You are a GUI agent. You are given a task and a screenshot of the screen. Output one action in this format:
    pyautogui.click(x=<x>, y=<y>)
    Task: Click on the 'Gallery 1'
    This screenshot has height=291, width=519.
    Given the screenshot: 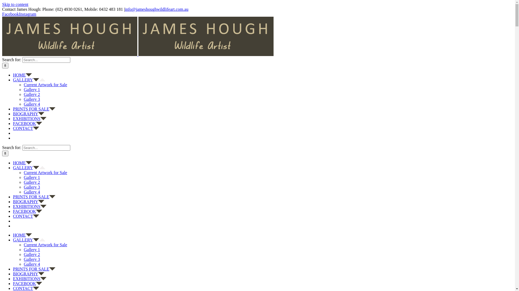 What is the action you would take?
    pyautogui.click(x=32, y=177)
    